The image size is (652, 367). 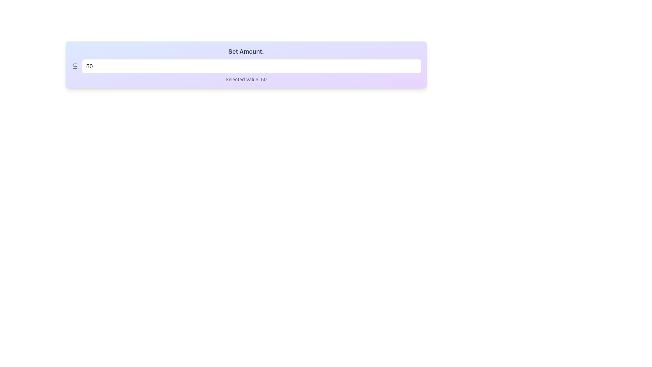 What do you see at coordinates (246, 79) in the screenshot?
I see `the Descriptive Label that displays the currently selected numeric value, located beneath the 'Set Amount:' input field` at bounding box center [246, 79].